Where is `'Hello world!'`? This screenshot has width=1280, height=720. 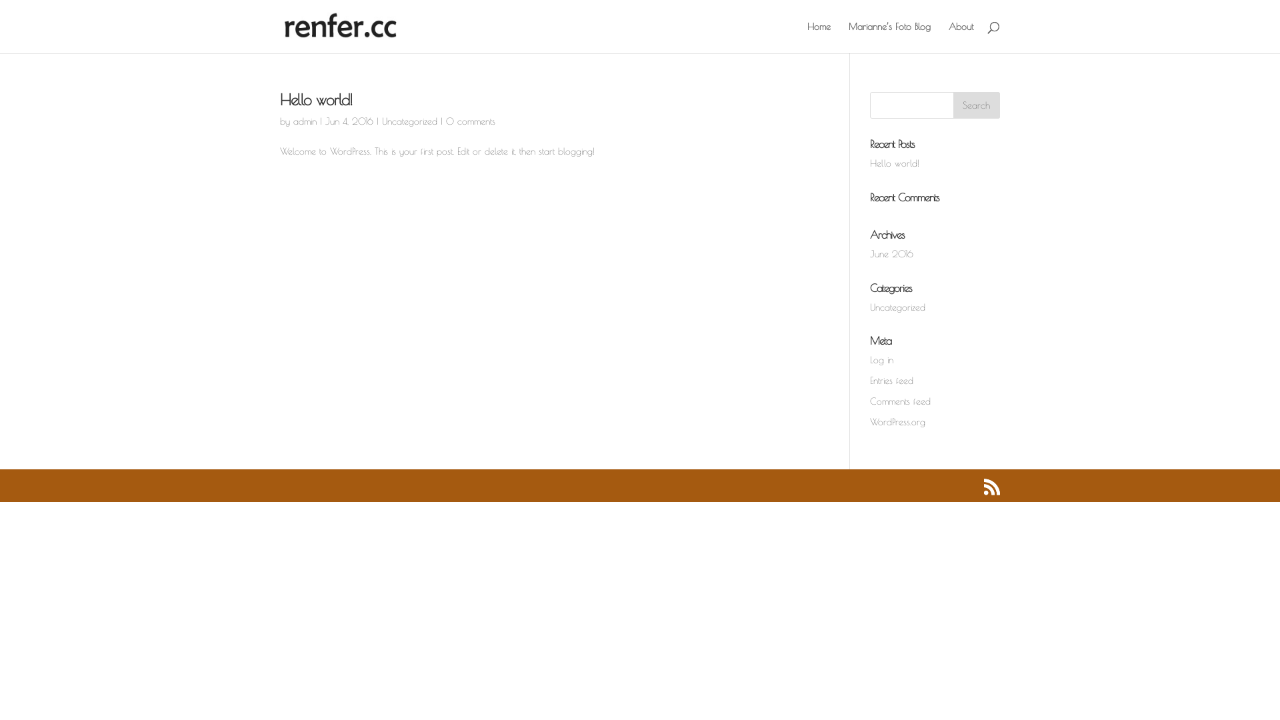
'Hello world!' is located at coordinates (870, 163).